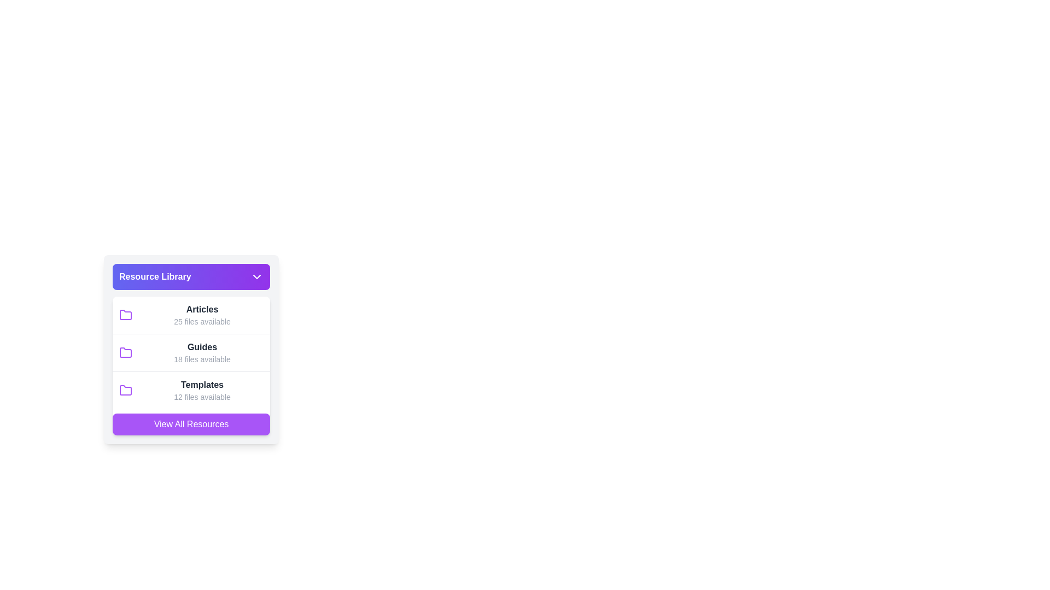 The image size is (1050, 590). What do you see at coordinates (154, 276) in the screenshot?
I see `the bold text label reading 'Resource Library', which is styled in white font on a gradient purple and indigo background and is located in the header bar` at bounding box center [154, 276].